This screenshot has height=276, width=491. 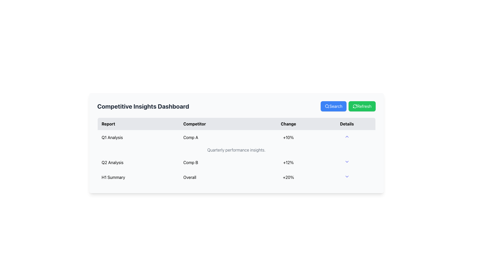 I want to click on the third row of the table displaying 'H1 Summary', 'Overall', a dot indicator, and '+20%' aligned to the right, so click(x=236, y=177).